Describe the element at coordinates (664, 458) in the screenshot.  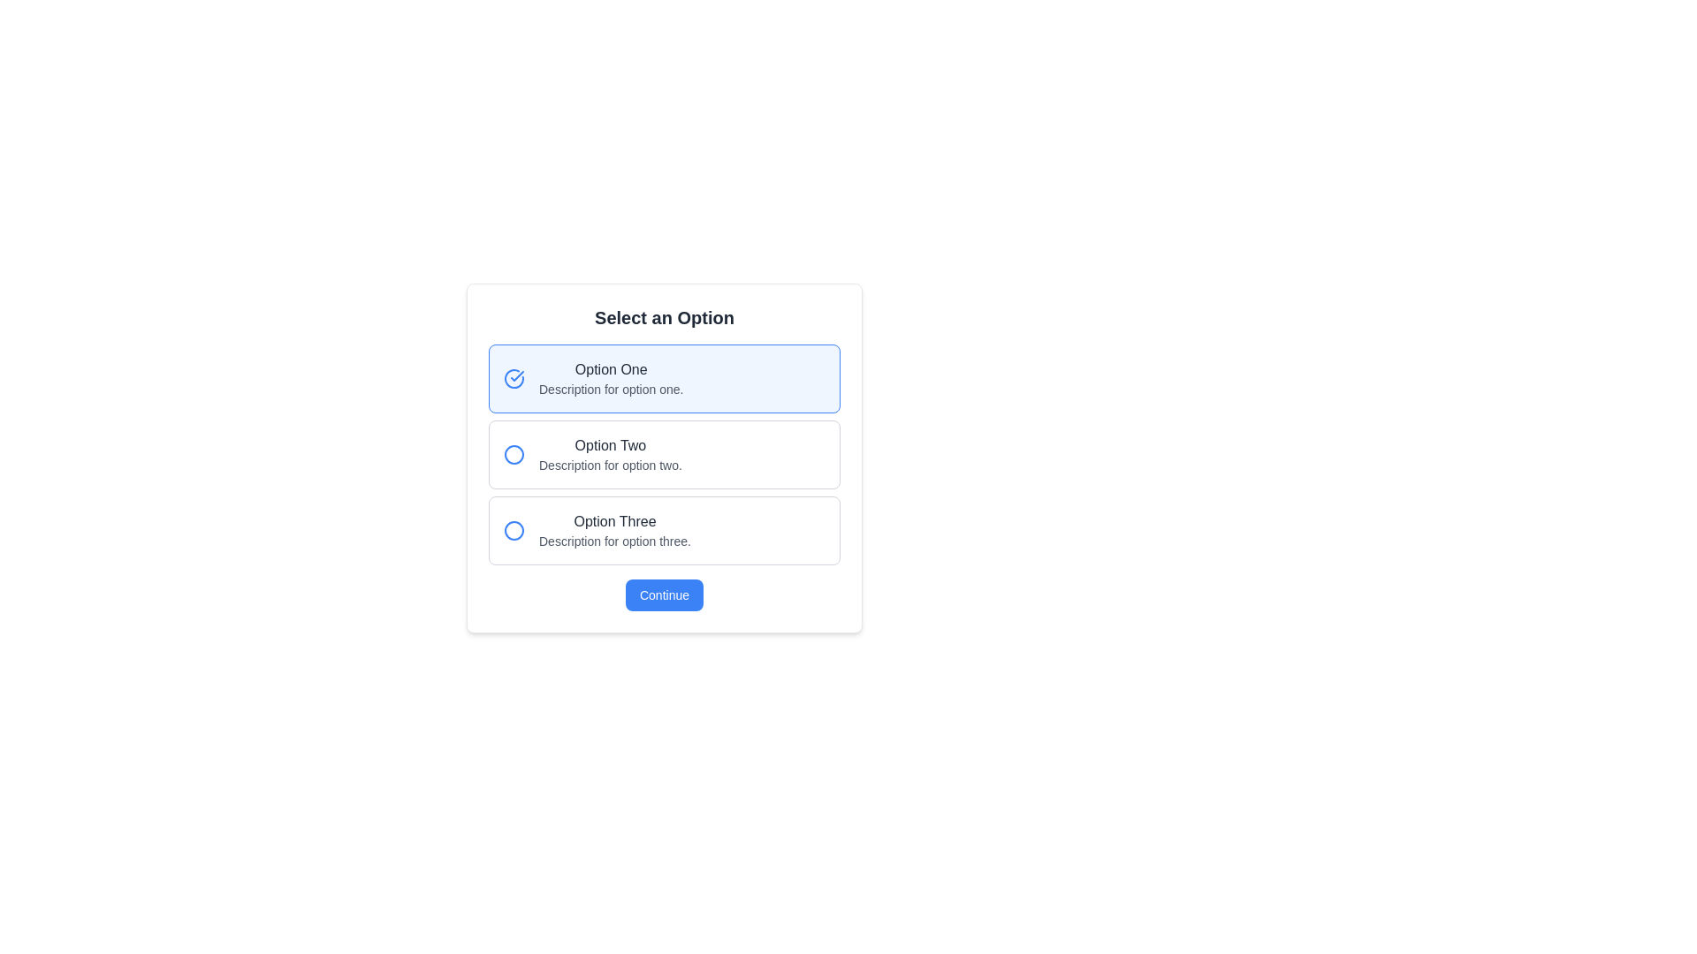
I see `one of the selectable options in the card titled 'Select an Option'` at that location.